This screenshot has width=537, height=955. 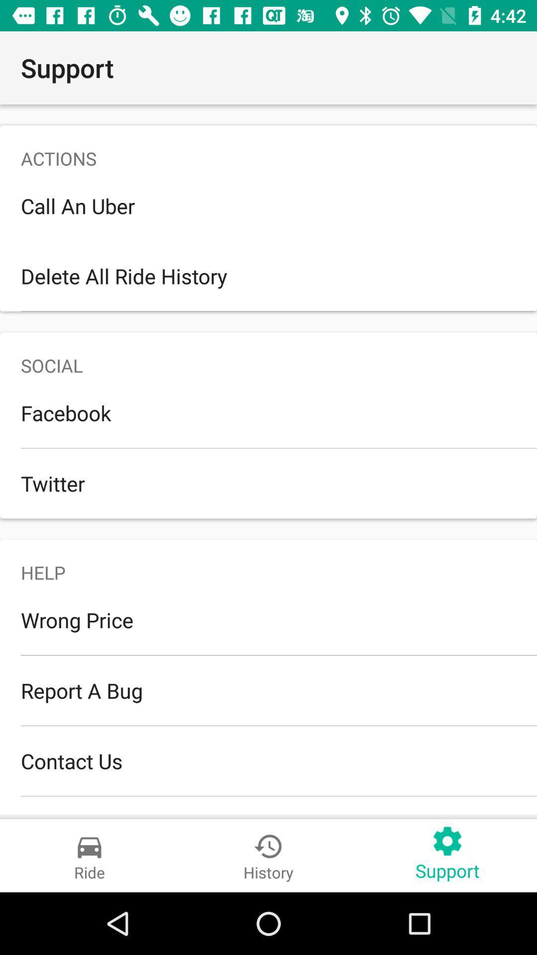 What do you see at coordinates (268, 205) in the screenshot?
I see `item below the actions item` at bounding box center [268, 205].